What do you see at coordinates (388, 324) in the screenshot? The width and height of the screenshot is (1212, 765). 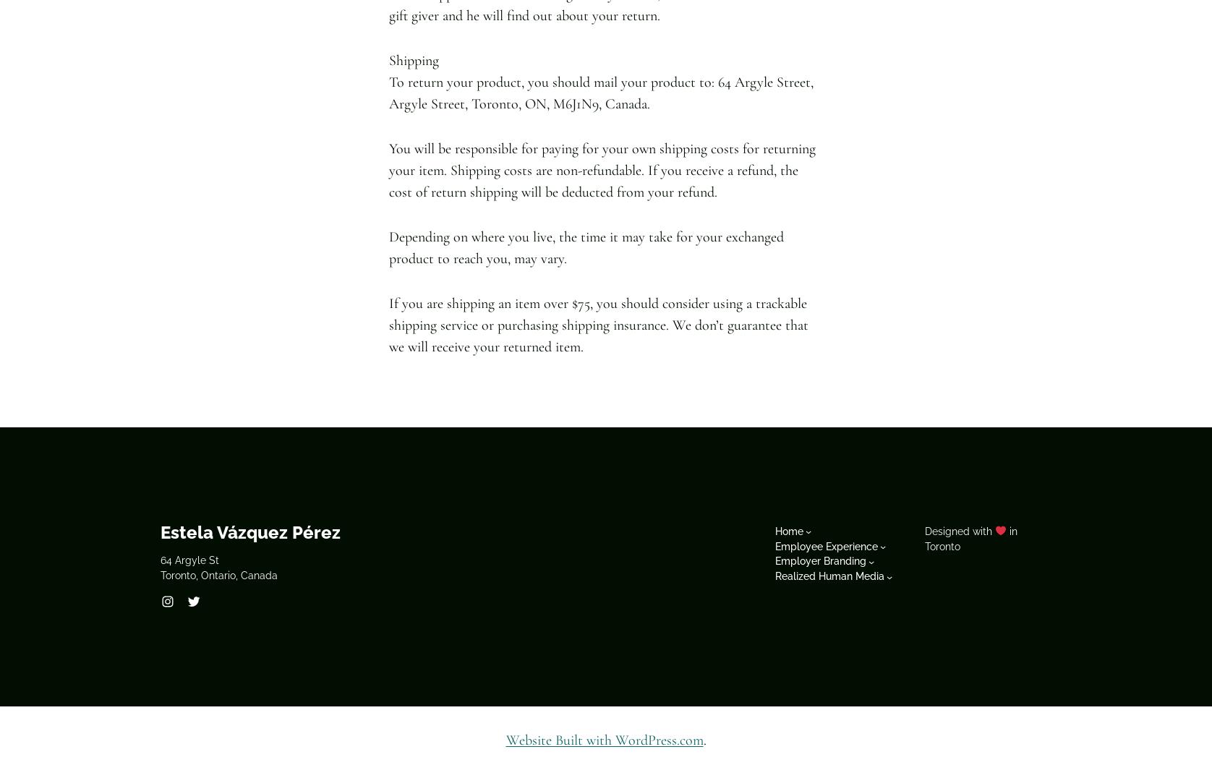 I see `'If you are shipping an item over $75, you should consider using a trackable shipping service or purchasing shipping insurance. We don’t guarantee that we will receive your returned item.'` at bounding box center [388, 324].